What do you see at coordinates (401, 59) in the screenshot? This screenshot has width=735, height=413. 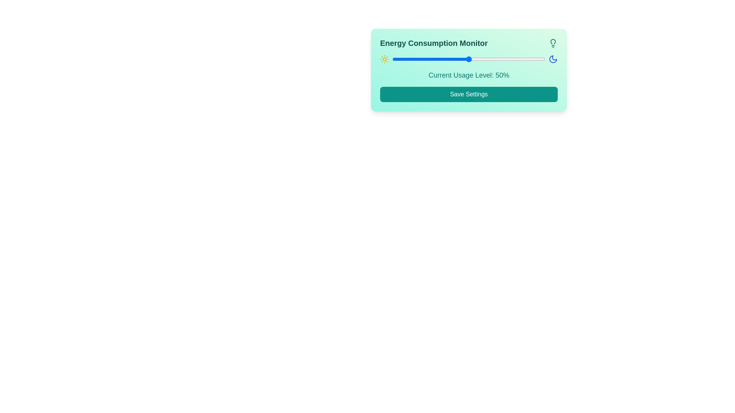 I see `the slider to set the energy usage level to 6%` at bounding box center [401, 59].